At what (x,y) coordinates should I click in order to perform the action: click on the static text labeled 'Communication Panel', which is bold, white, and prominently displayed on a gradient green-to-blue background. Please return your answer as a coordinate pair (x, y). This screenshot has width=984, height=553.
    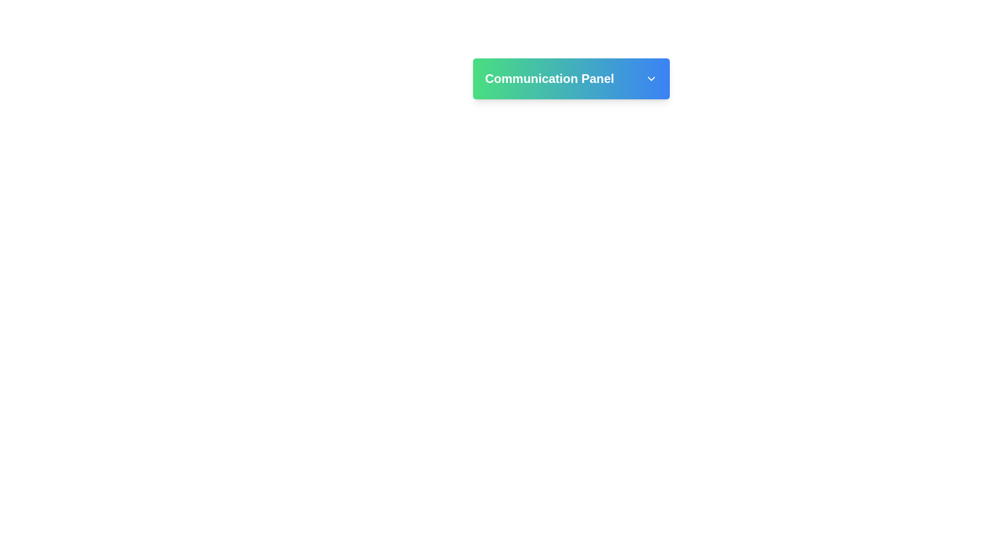
    Looking at the image, I should click on (549, 78).